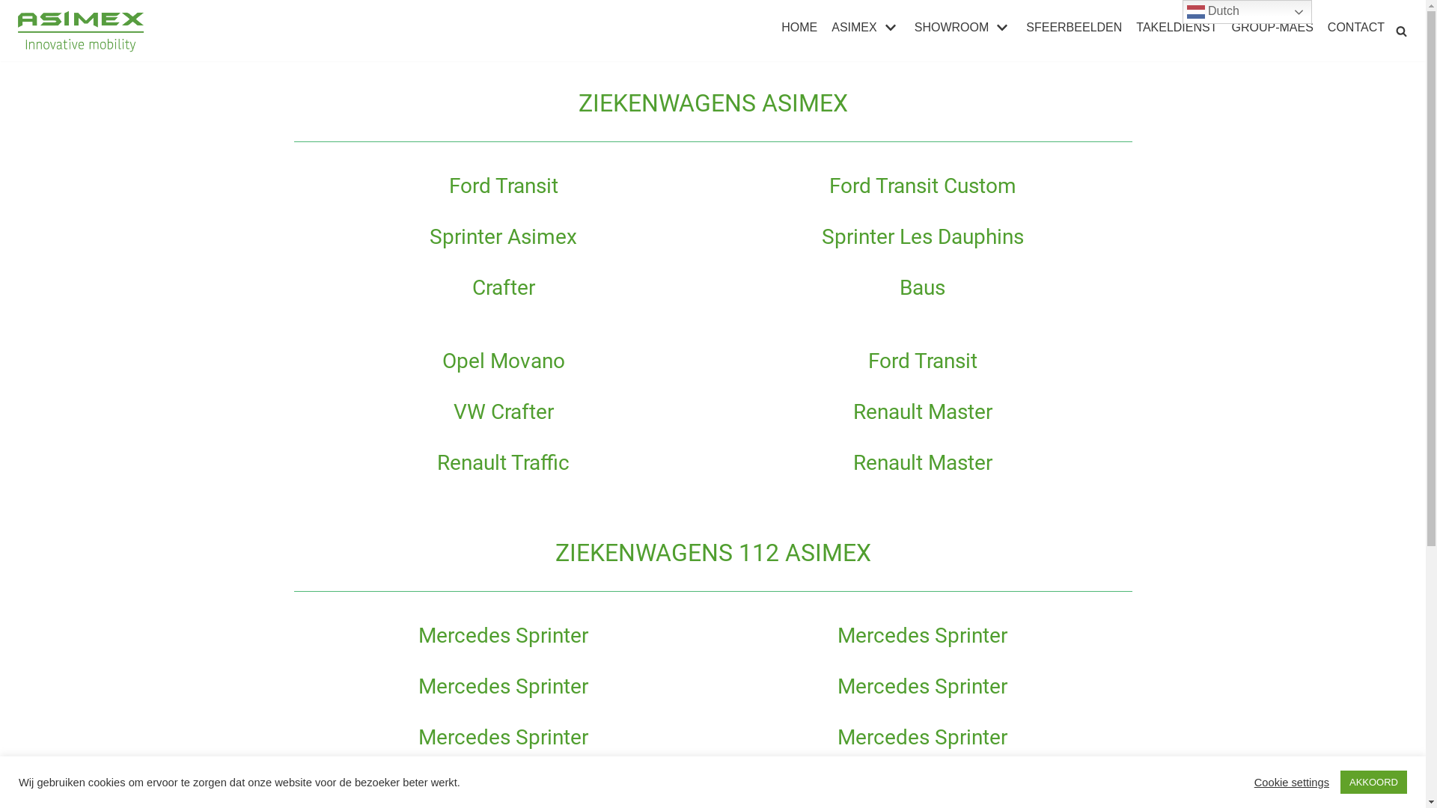 This screenshot has width=1437, height=808. What do you see at coordinates (0, 7) in the screenshot?
I see `'Spring naar de inhoud'` at bounding box center [0, 7].